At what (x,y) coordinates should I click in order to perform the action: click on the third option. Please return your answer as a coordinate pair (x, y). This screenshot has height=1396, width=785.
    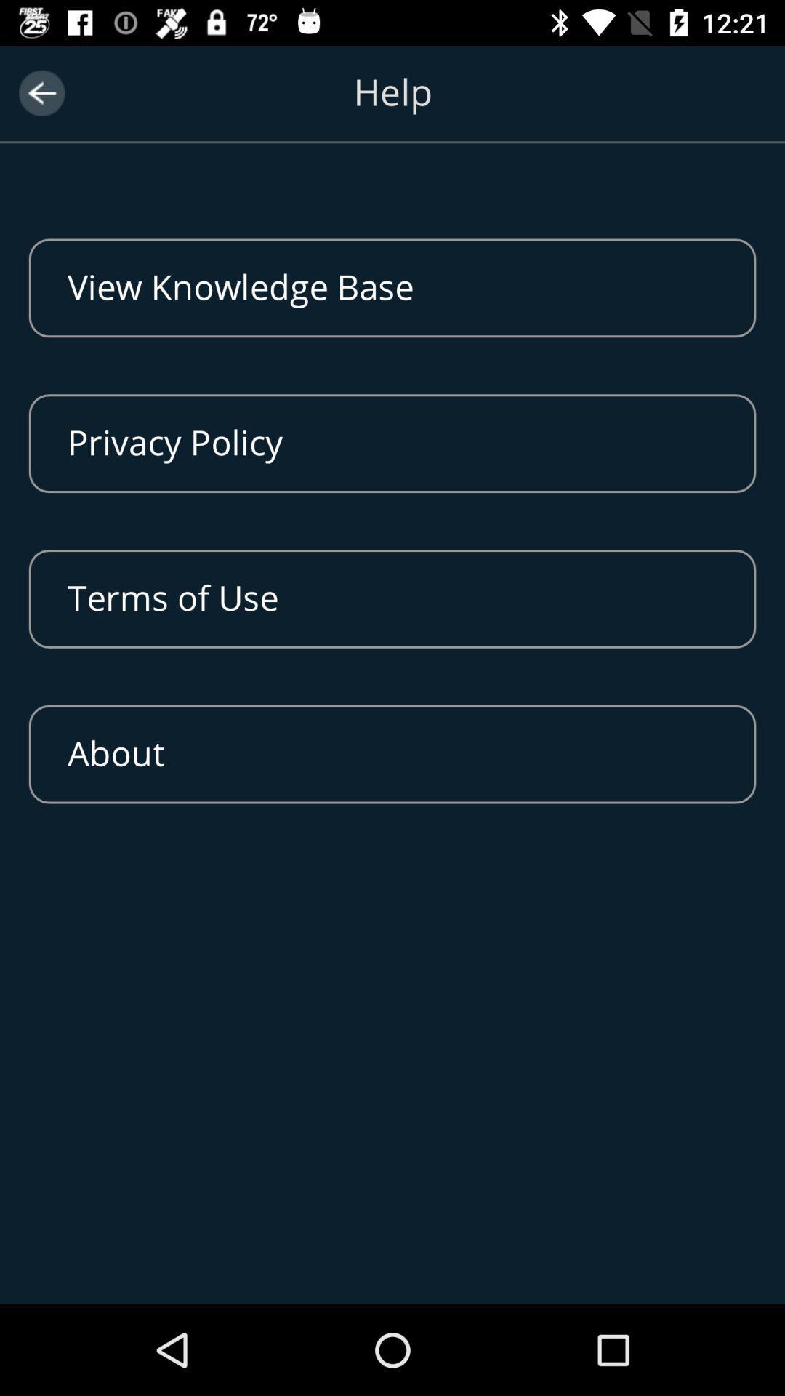
    Looking at the image, I should click on (392, 599).